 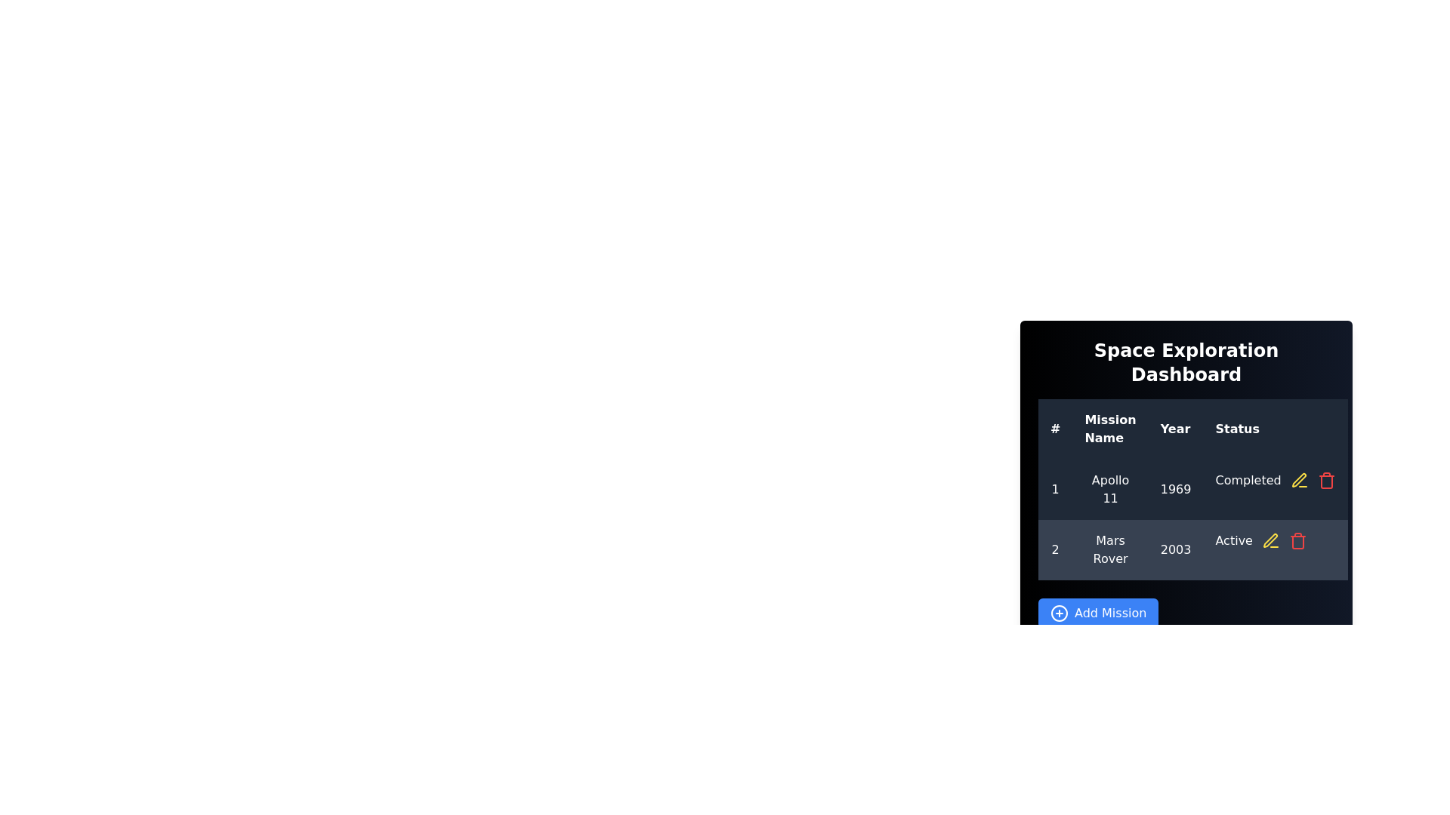 What do you see at coordinates (1110, 550) in the screenshot?
I see `the text label identifying the mission name 'Mars Rover' located in the second row under the 'Mission Name' column of the data table` at bounding box center [1110, 550].